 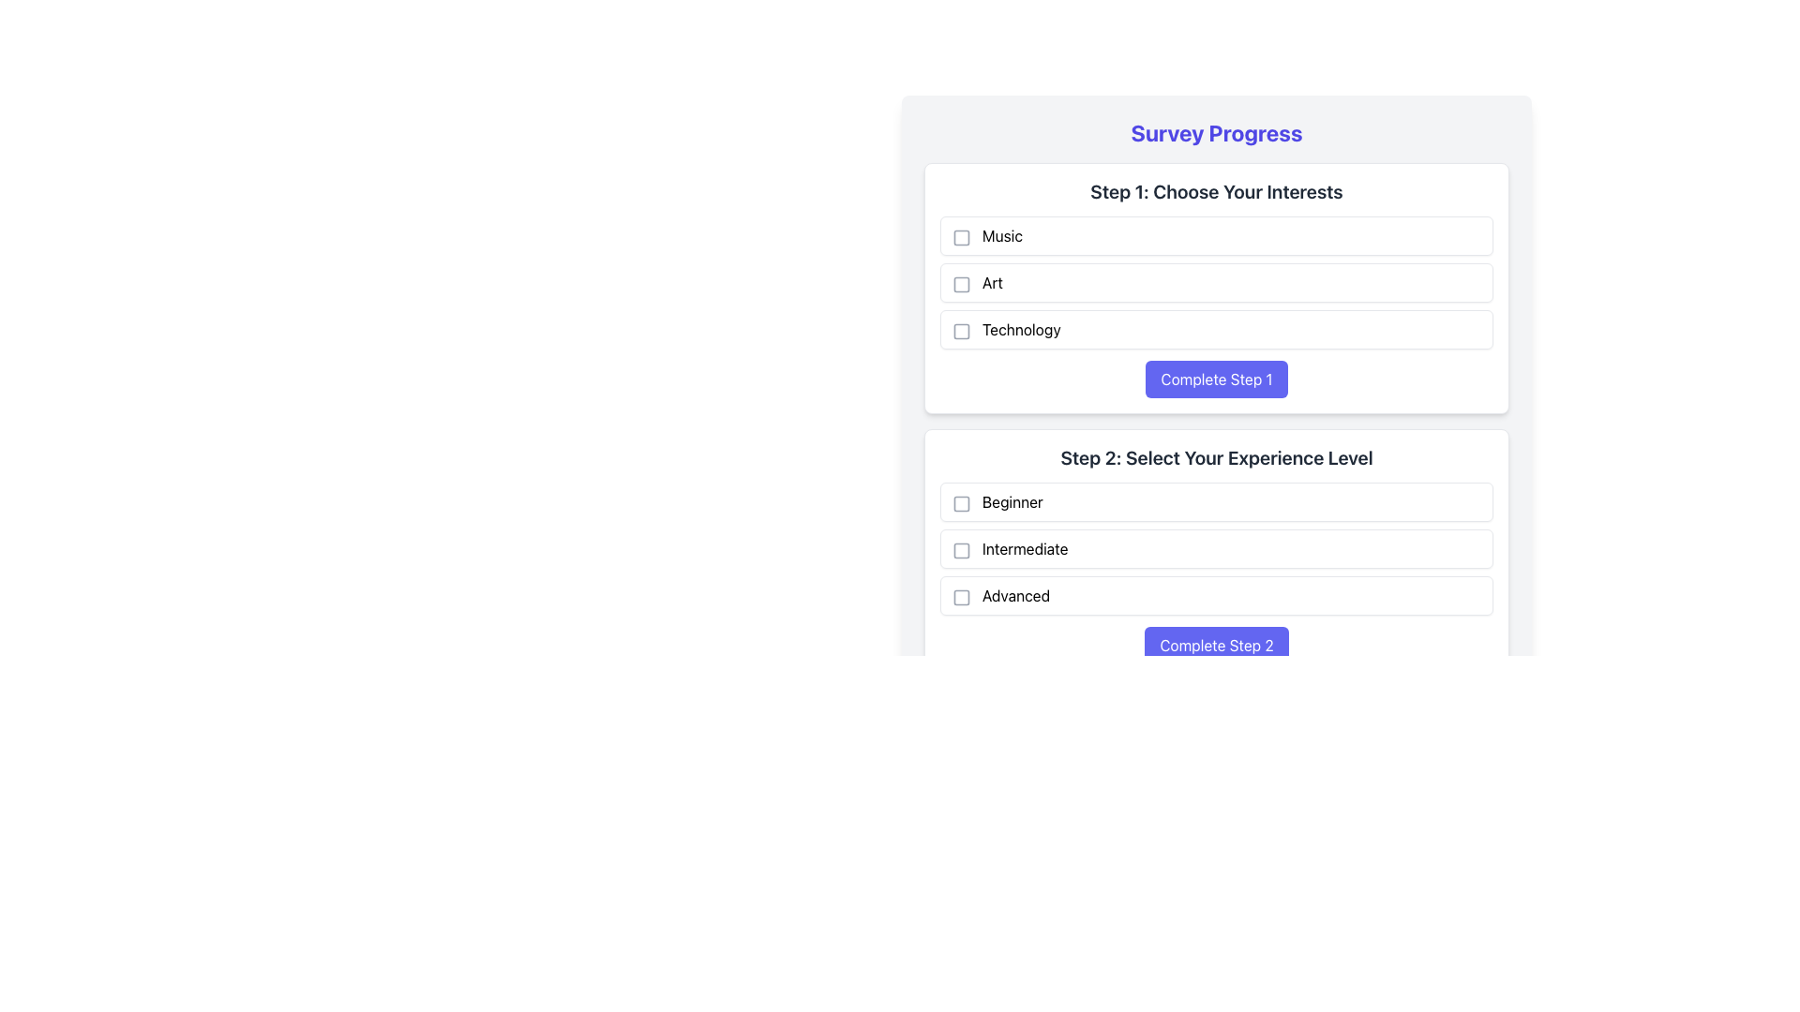 What do you see at coordinates (1216, 234) in the screenshot?
I see `the checkbox for the 'Music' selectable option` at bounding box center [1216, 234].